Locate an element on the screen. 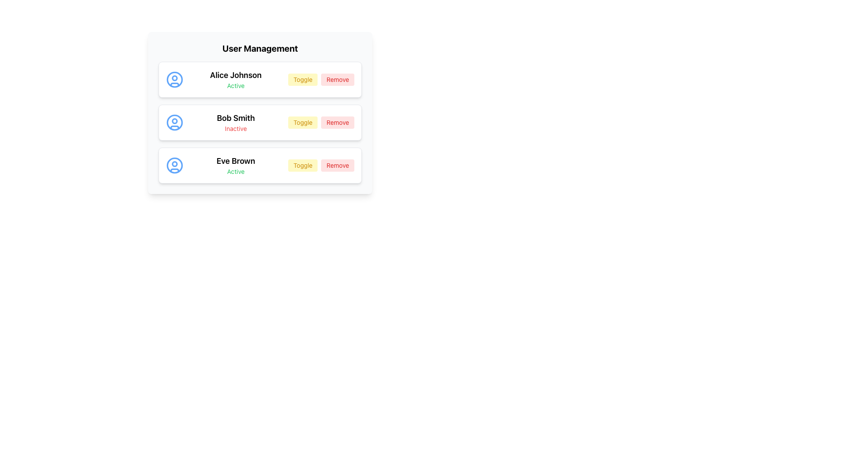 The width and height of the screenshot is (841, 473). the Text Display element that shows the user's name and activity status, located to the right of the circular user icon in the User Management interface is located at coordinates (236, 79).